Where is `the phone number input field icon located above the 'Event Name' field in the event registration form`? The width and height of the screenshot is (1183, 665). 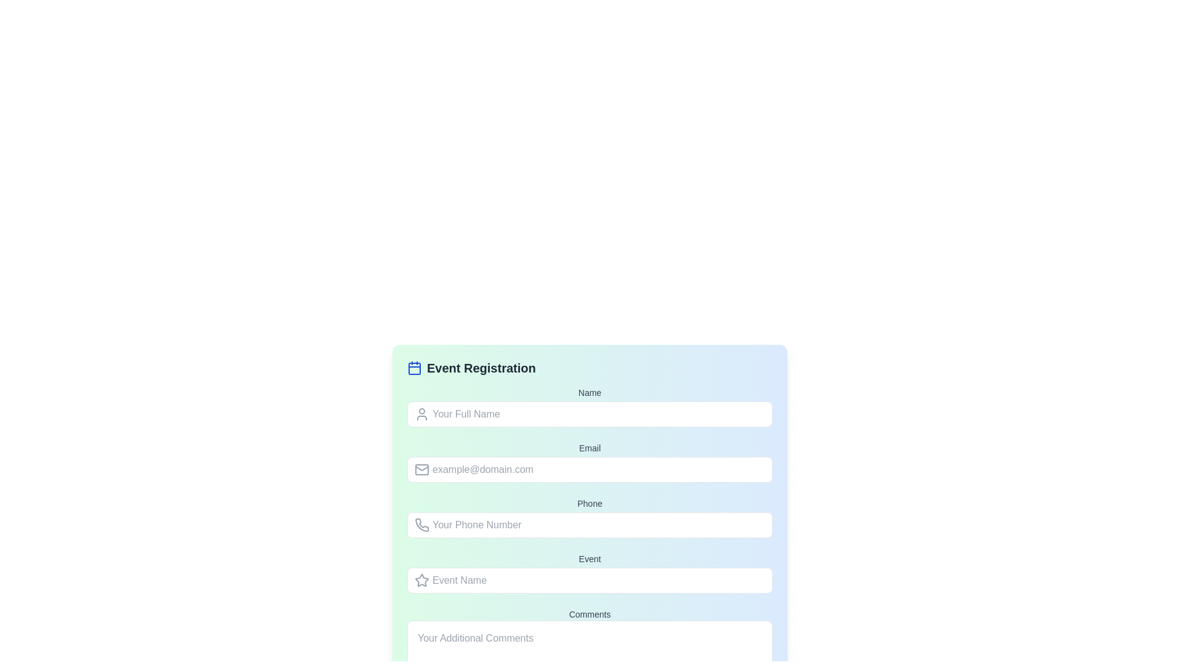
the phone number input field icon located above the 'Event Name' field in the event registration form is located at coordinates (422, 525).